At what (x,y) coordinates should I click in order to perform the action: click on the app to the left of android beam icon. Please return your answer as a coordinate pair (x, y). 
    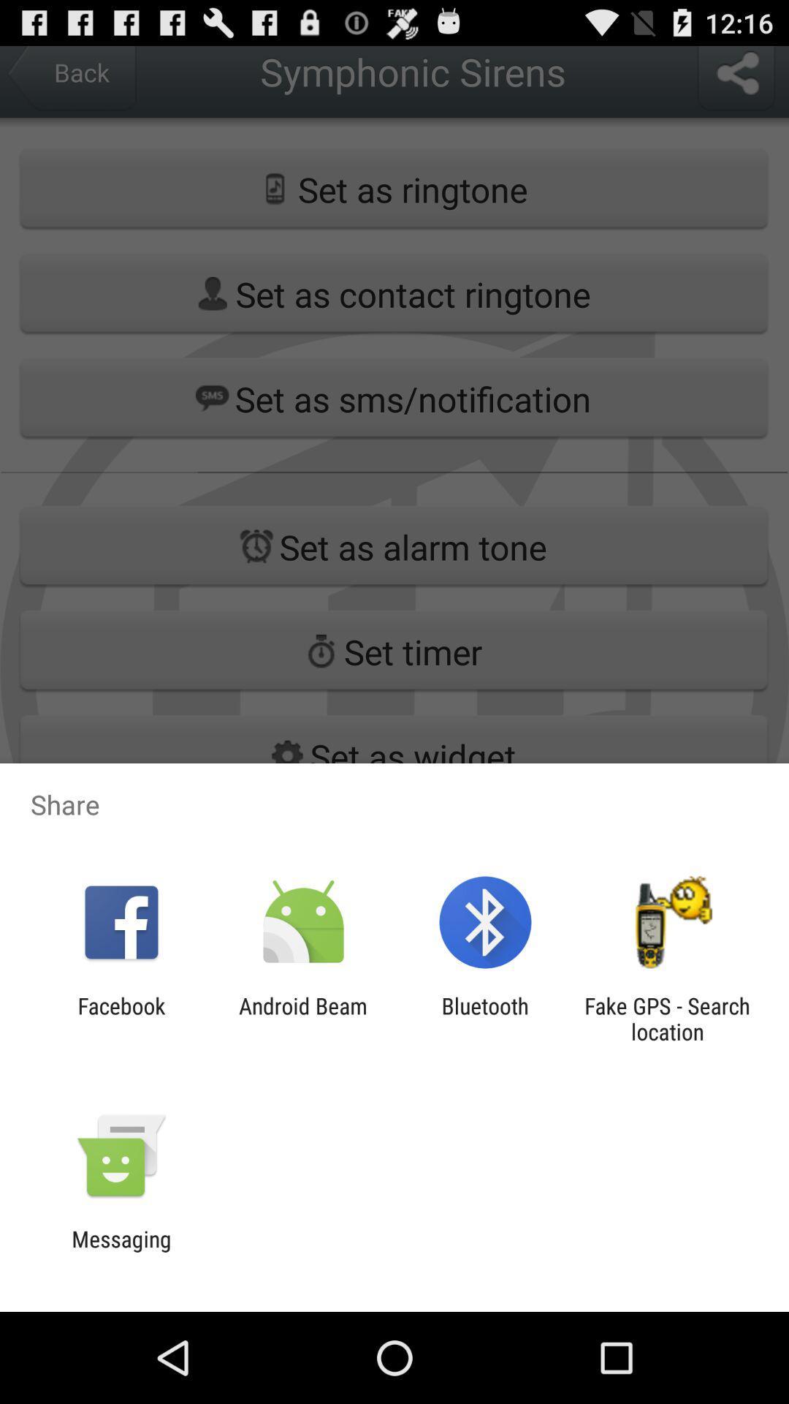
    Looking at the image, I should click on (121, 1018).